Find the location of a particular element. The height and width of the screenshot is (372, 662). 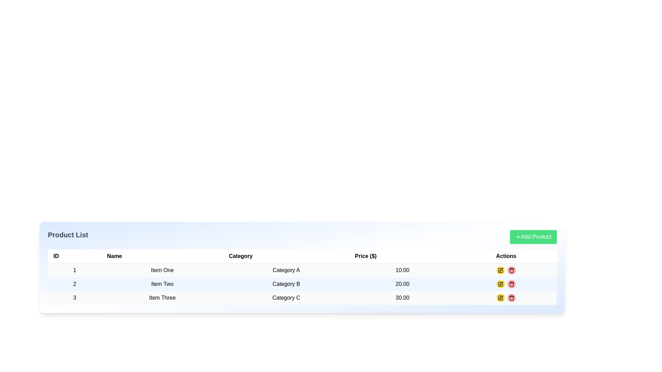

the text label 'Category A' located in the third column of the first row of the table, which is displayed in a standard sans-serif font style is located at coordinates (286, 270).